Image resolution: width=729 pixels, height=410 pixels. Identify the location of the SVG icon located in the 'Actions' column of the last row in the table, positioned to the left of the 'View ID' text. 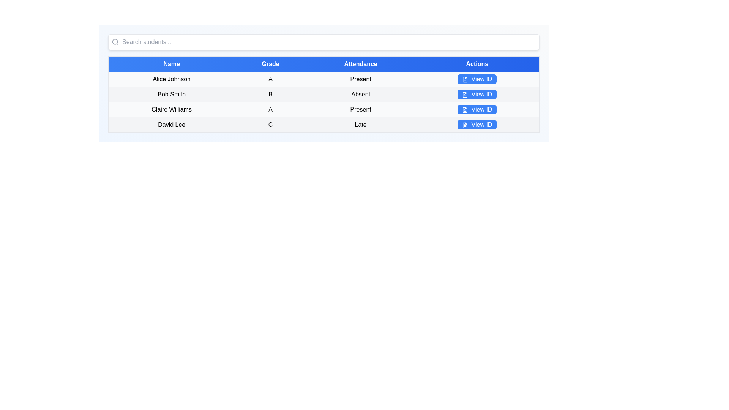
(465, 125).